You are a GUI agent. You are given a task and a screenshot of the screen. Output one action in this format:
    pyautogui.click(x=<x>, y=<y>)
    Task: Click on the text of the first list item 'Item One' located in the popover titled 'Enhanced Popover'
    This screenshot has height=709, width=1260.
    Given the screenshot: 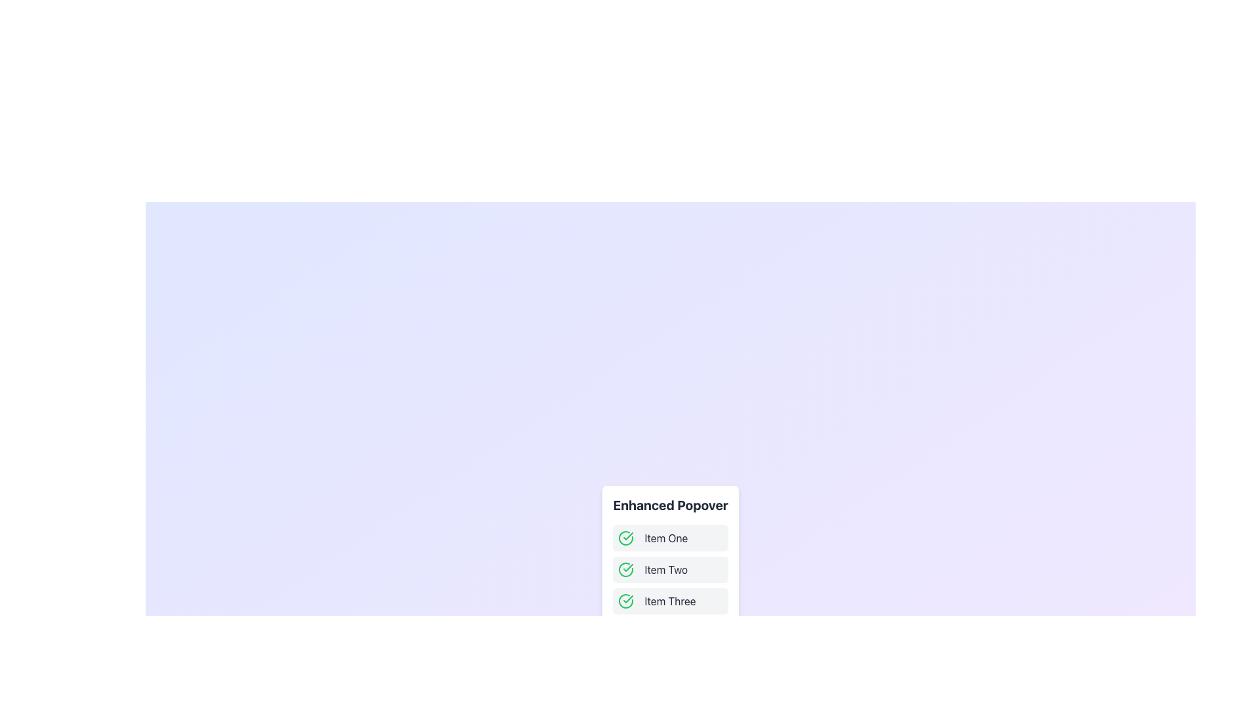 What is the action you would take?
    pyautogui.click(x=671, y=538)
    